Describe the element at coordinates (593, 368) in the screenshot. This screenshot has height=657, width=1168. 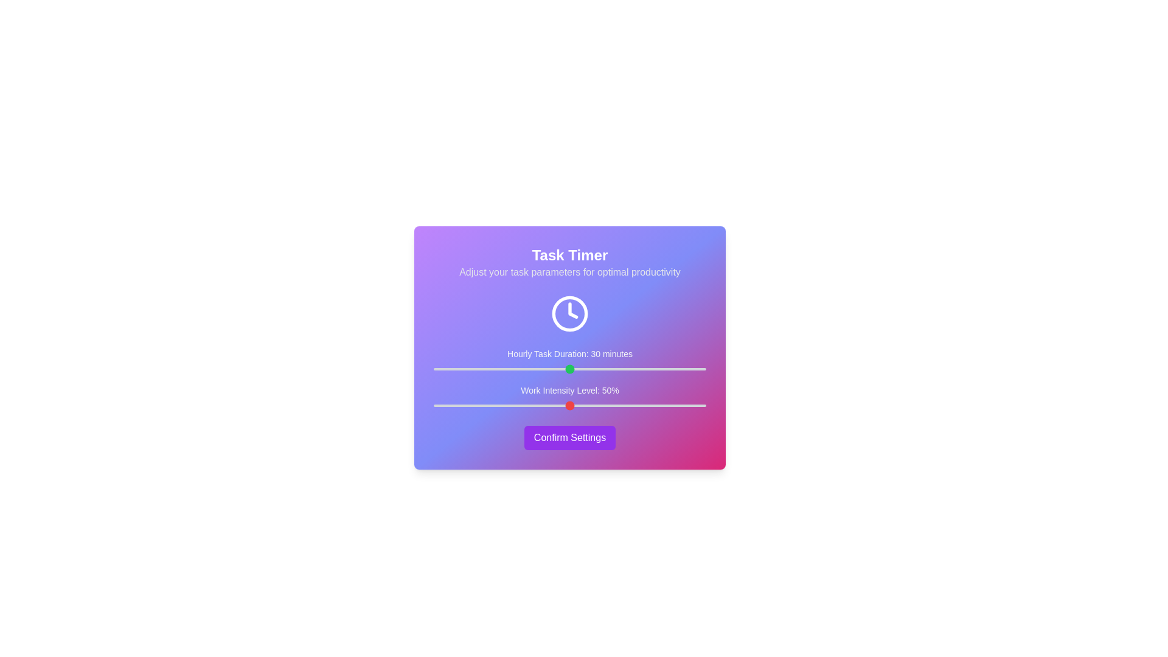
I see `the 'Hourly Task Duration' slider to 35 minutes` at that location.